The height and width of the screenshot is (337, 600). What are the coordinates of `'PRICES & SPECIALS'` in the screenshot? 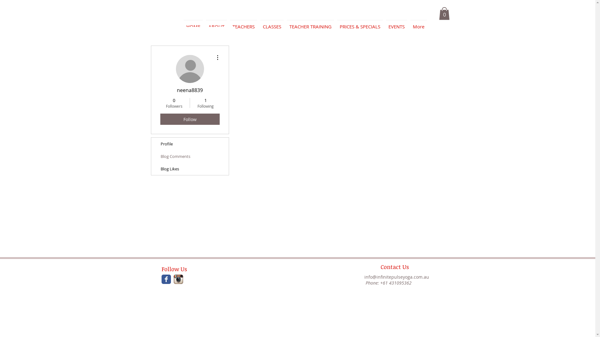 It's located at (335, 23).